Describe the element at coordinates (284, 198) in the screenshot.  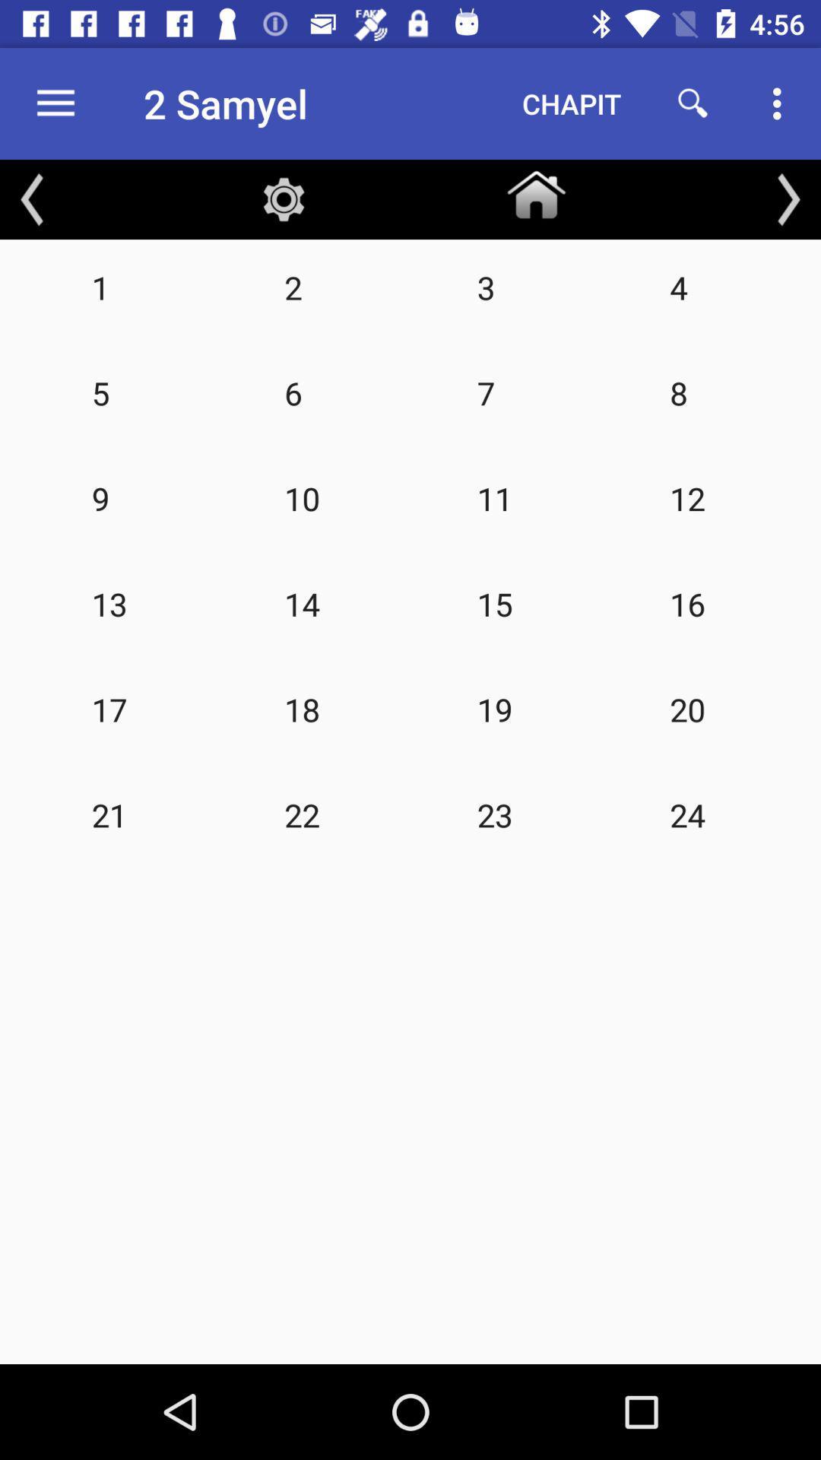
I see `the settings icon` at that location.